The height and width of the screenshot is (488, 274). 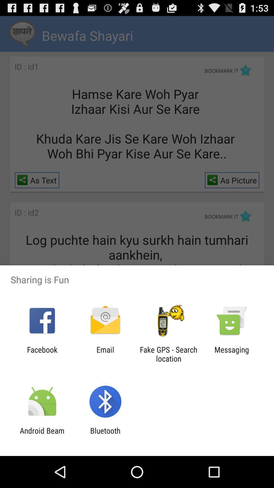 What do you see at coordinates (105, 354) in the screenshot?
I see `the item to the left of fake gps search icon` at bounding box center [105, 354].